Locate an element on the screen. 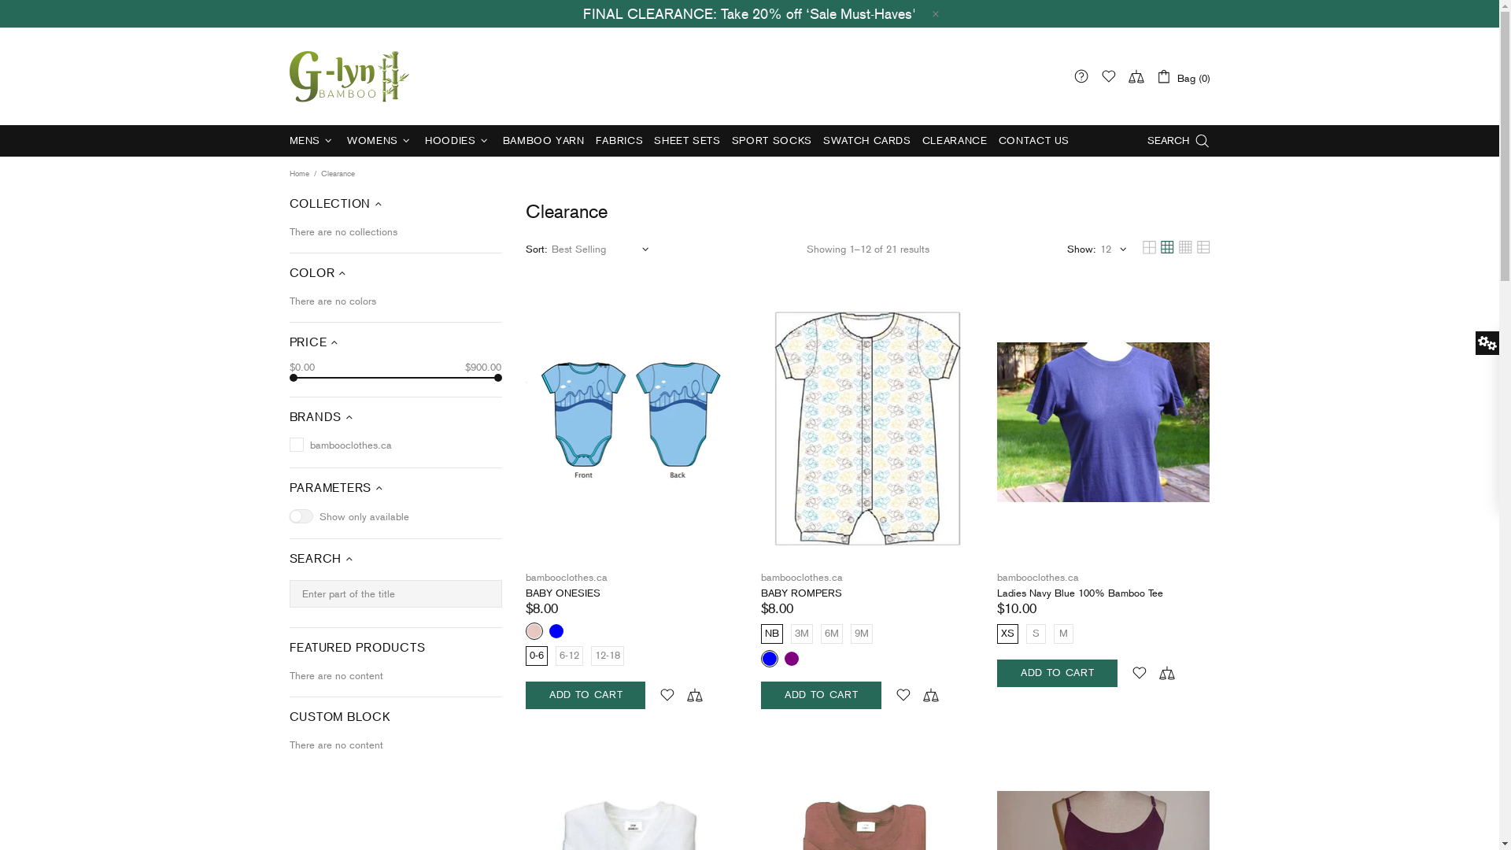 Image resolution: width=1511 pixels, height=850 pixels. 'bambooclothes.ca' is located at coordinates (801, 577).